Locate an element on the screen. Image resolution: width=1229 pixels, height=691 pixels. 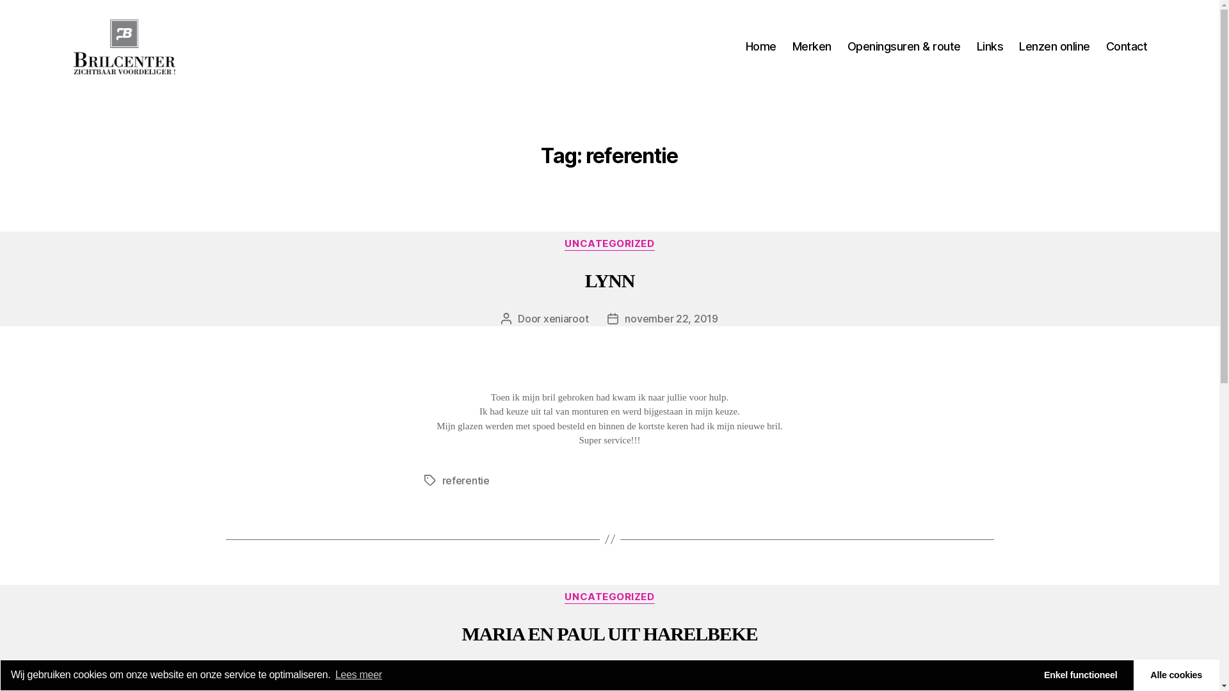
'Merken' is located at coordinates (811, 46).